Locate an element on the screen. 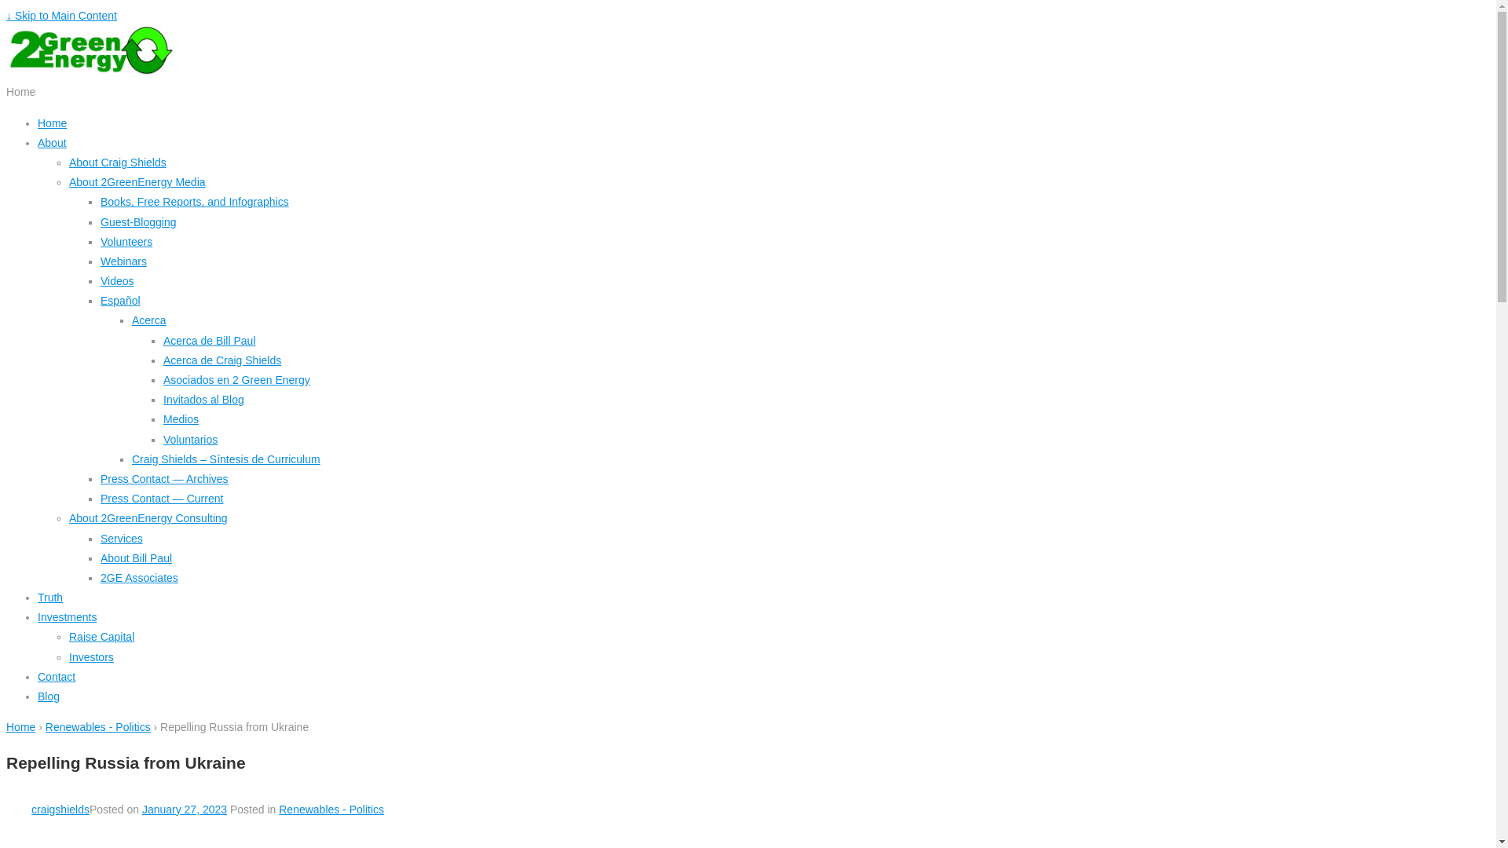 The height and width of the screenshot is (848, 1508). 'January 27, 2023' is located at coordinates (185, 809).